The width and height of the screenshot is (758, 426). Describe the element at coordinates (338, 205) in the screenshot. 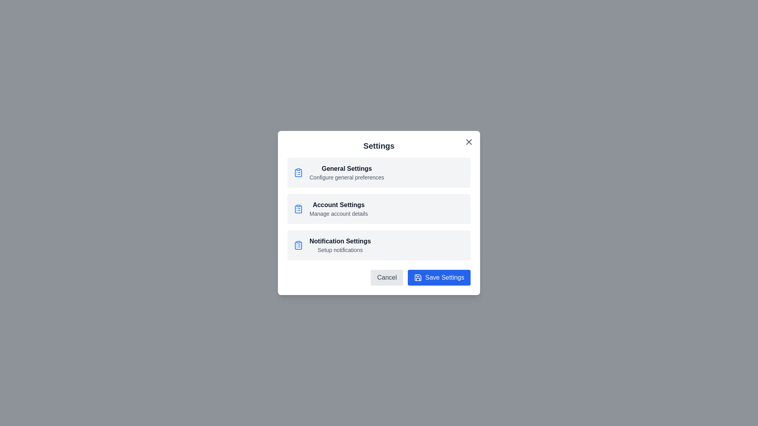

I see `text content of the 'Account Settings' label, which is the top text component in the second row of settings options within the user interface` at that location.